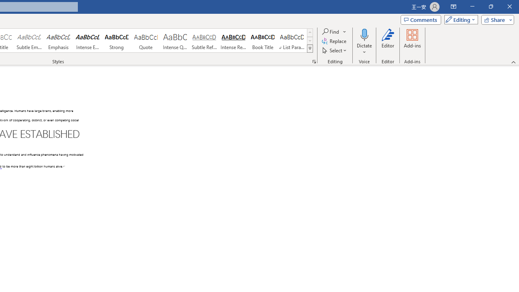 The image size is (519, 292). What do you see at coordinates (364, 34) in the screenshot?
I see `'Dictate'` at bounding box center [364, 34].